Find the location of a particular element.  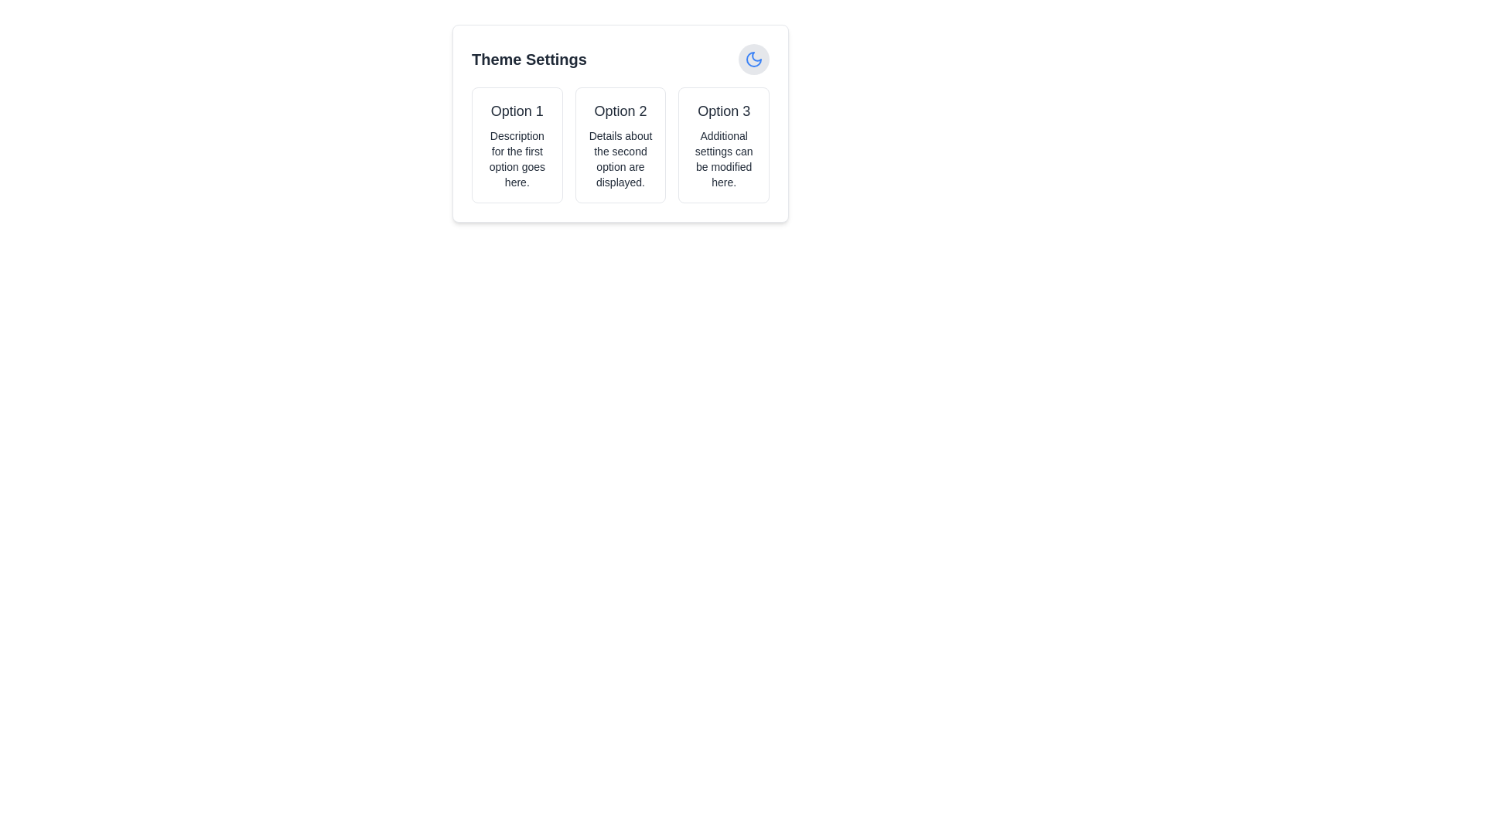

the text element stating 'Additional settings can be modified here.' located beneath the header 'Option 3' in the third column of the layout is located at coordinates (723, 158).